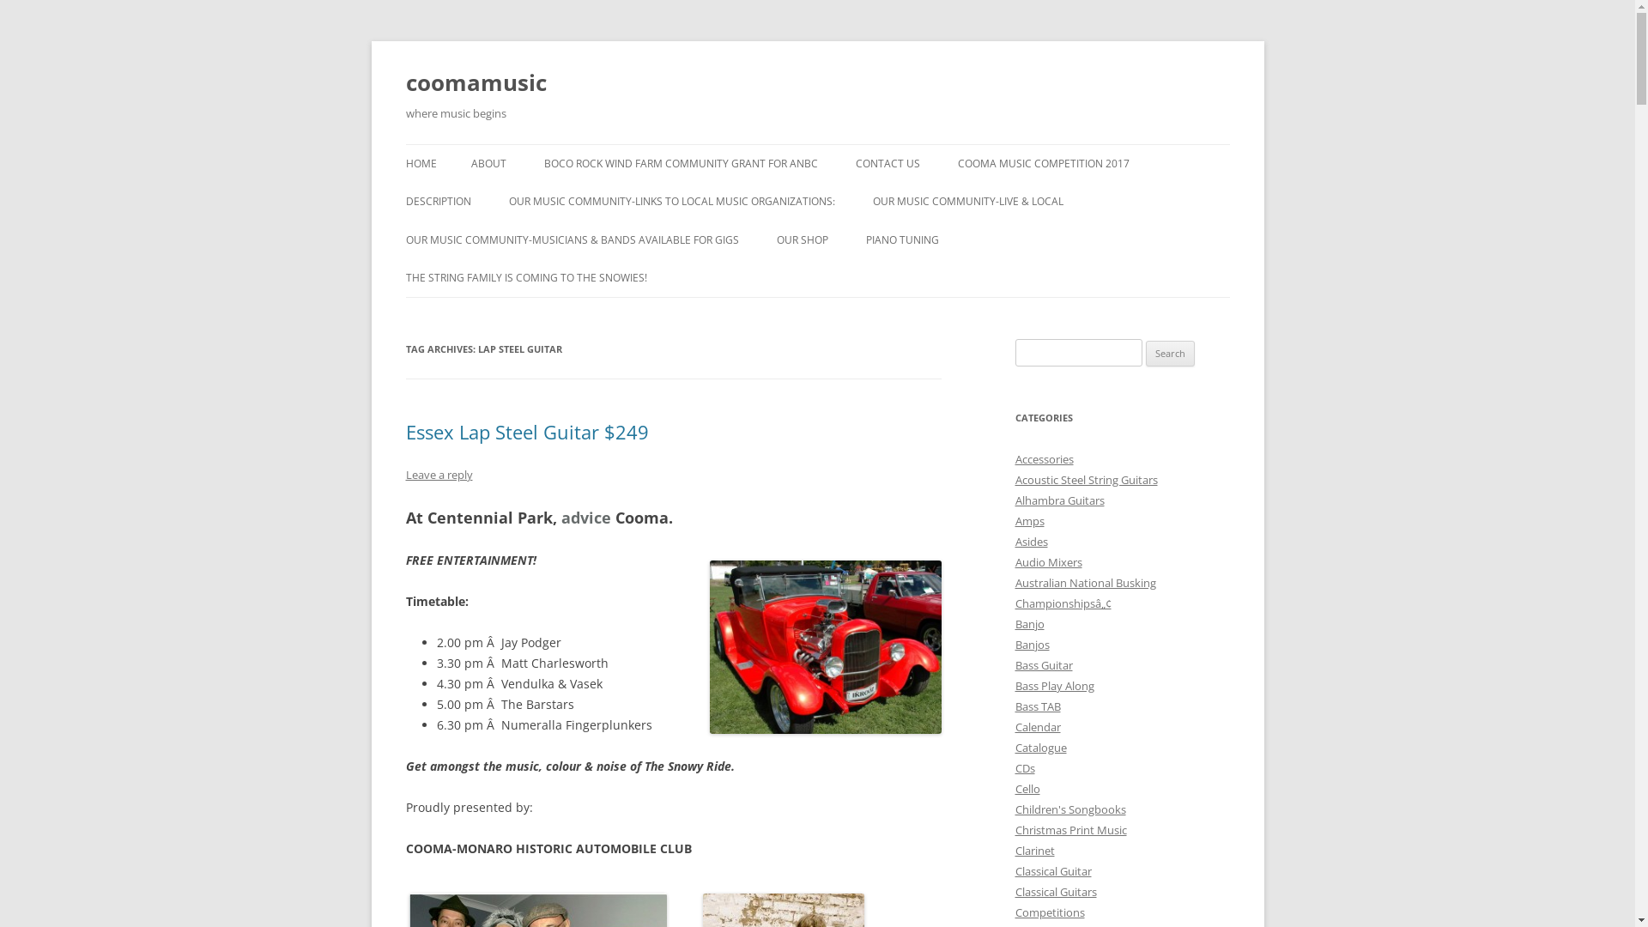  I want to click on 'Accessories', so click(1014, 458).